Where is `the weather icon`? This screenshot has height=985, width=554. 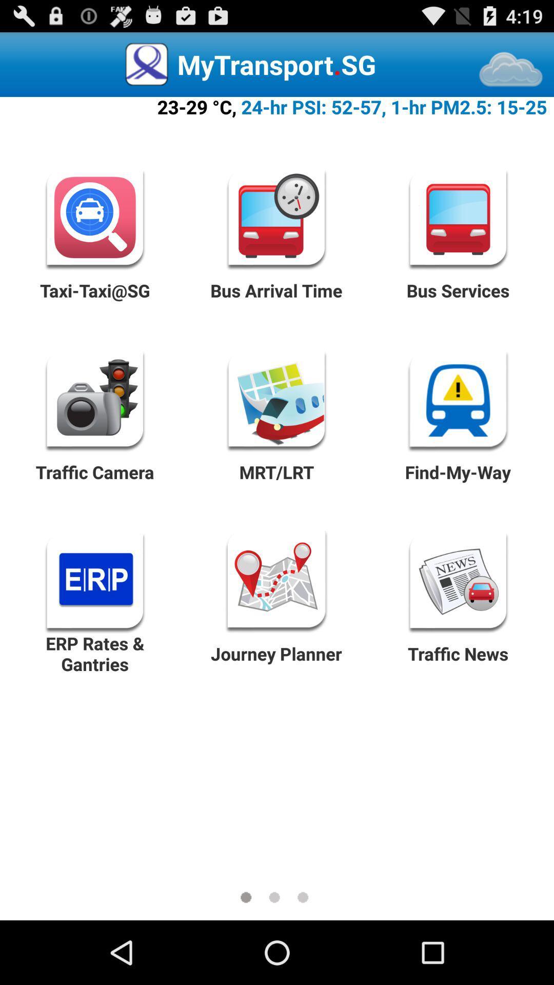
the weather icon is located at coordinates (511, 74).